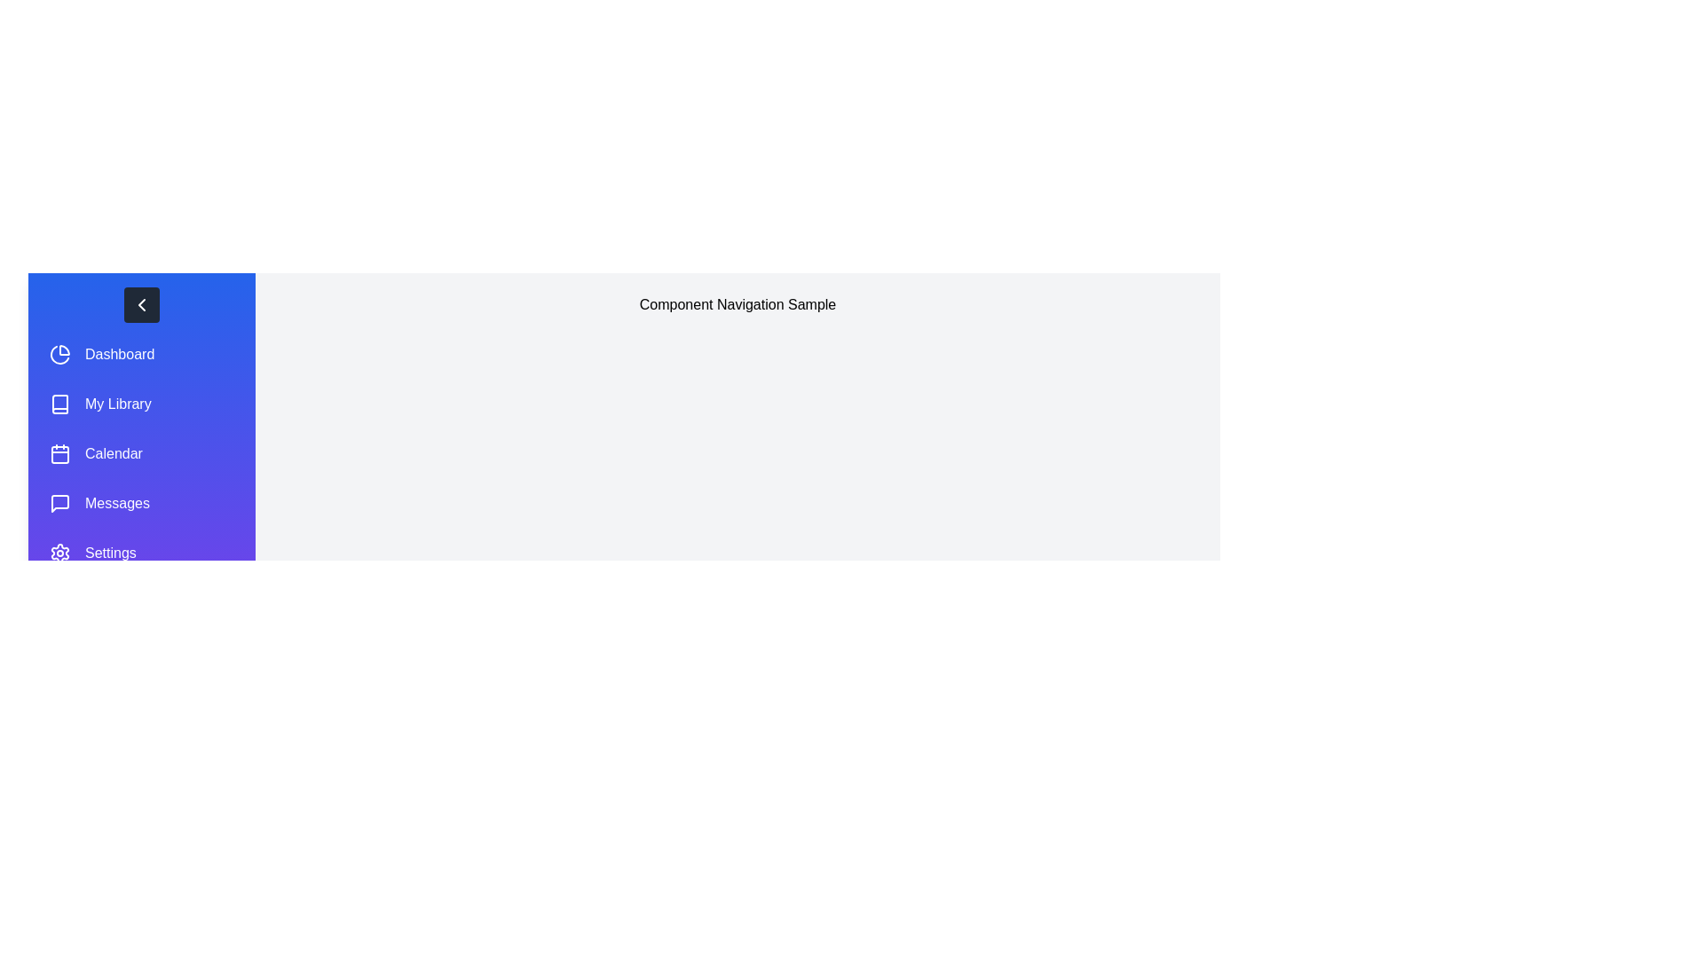 The image size is (1704, 958). Describe the element at coordinates (140, 453) in the screenshot. I see `the menu item Calendar to highlight it` at that location.